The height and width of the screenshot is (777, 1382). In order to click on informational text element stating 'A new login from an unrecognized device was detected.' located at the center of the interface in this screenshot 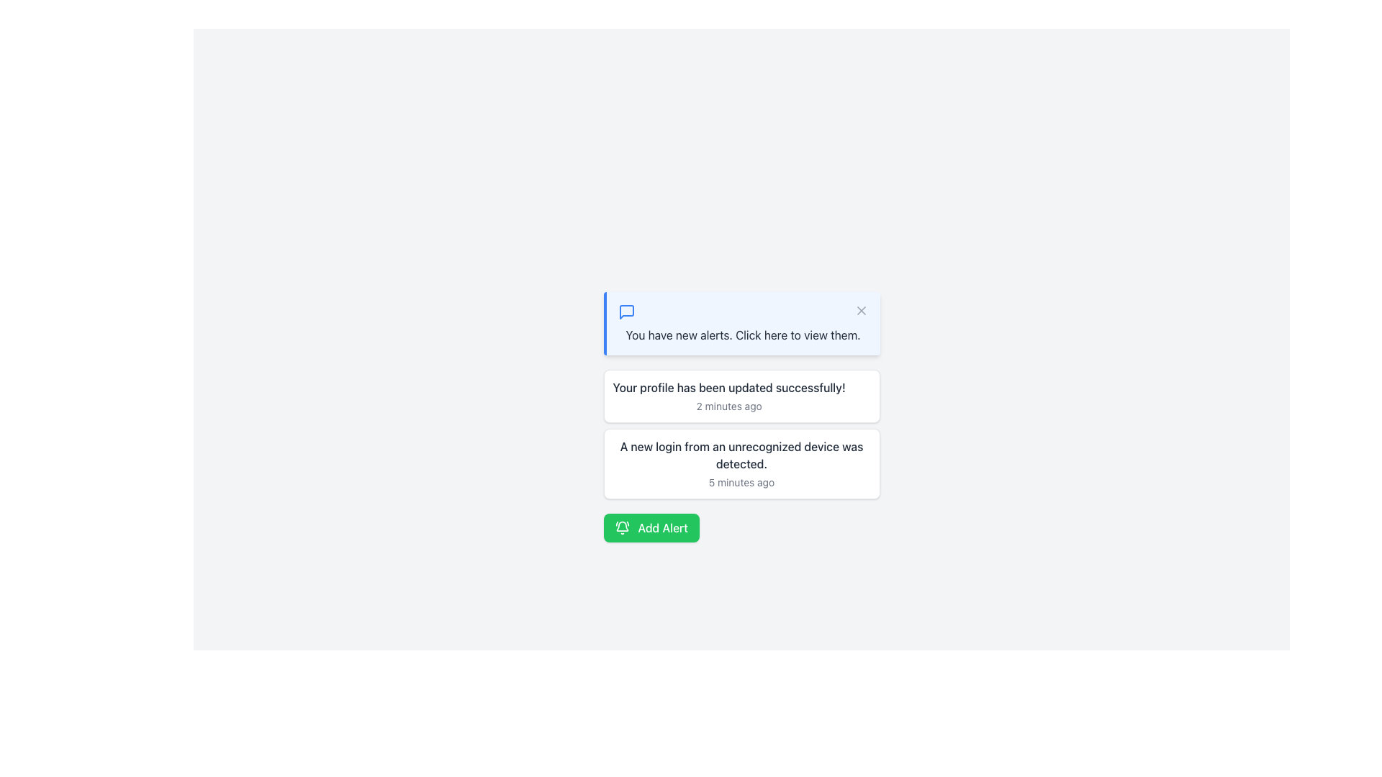, I will do `click(741, 455)`.